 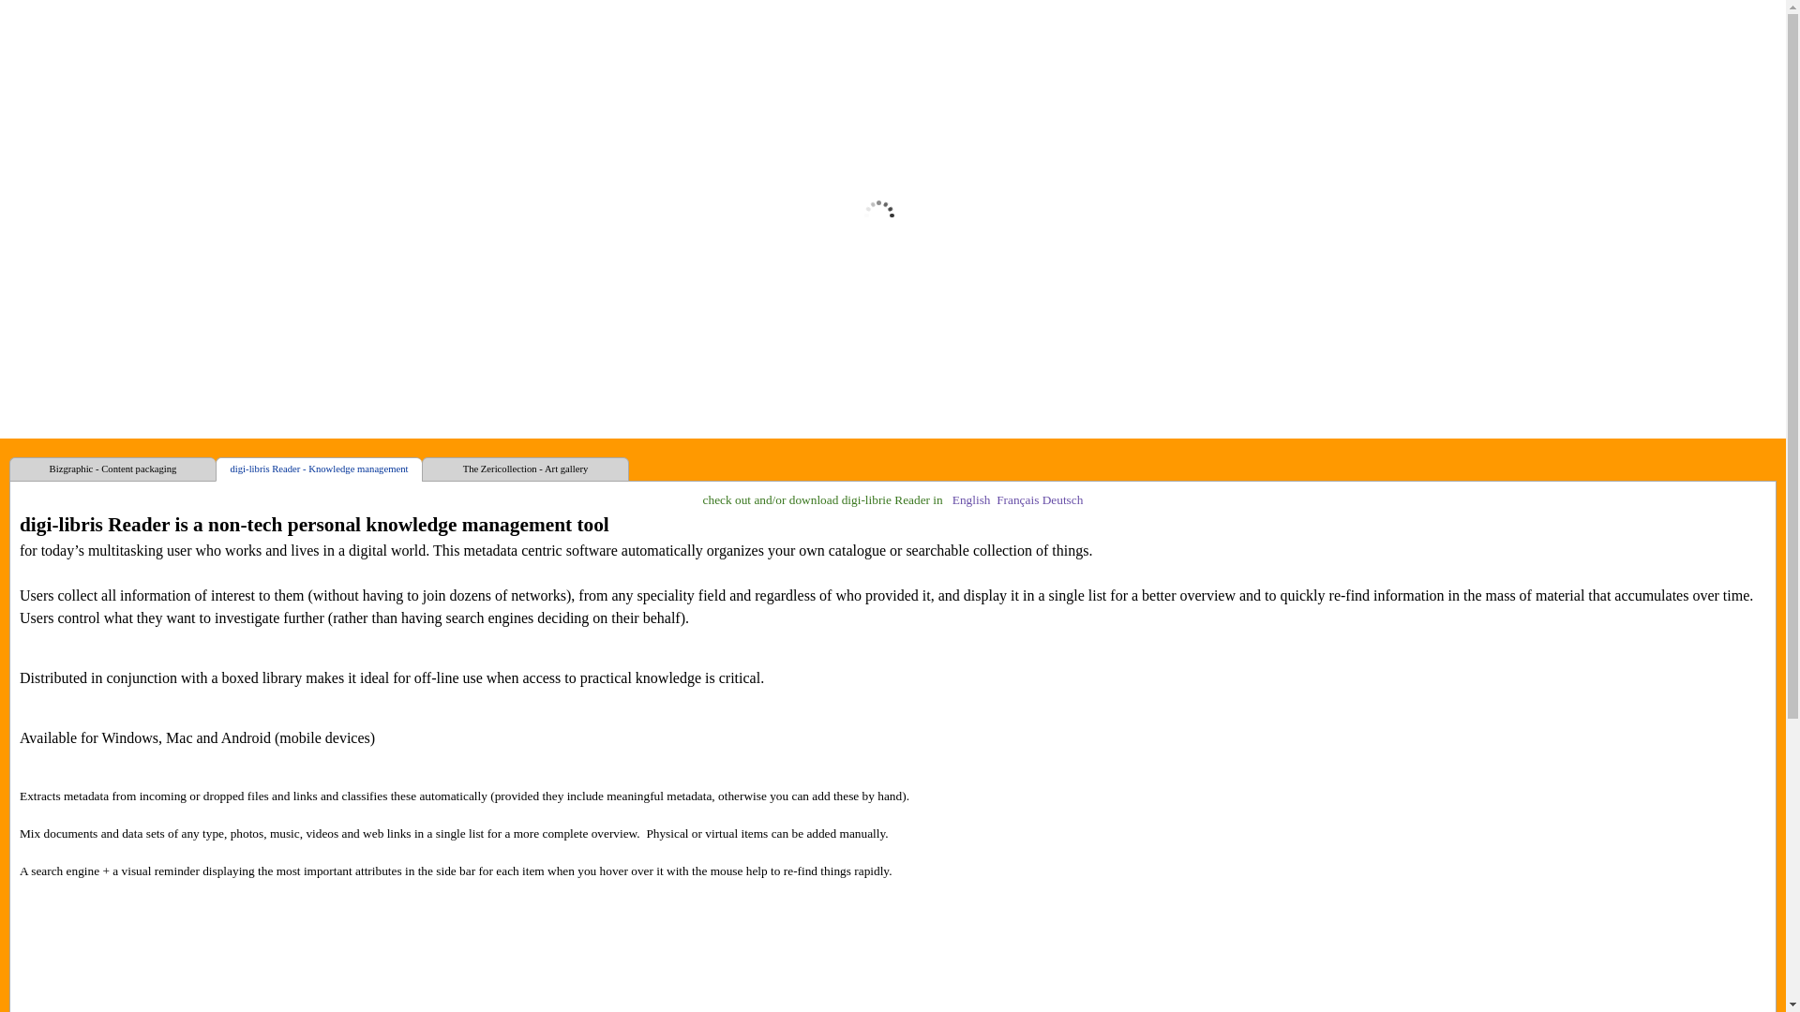 I want to click on 'digi-libris Reader - Knowledge management', so click(x=319, y=469).